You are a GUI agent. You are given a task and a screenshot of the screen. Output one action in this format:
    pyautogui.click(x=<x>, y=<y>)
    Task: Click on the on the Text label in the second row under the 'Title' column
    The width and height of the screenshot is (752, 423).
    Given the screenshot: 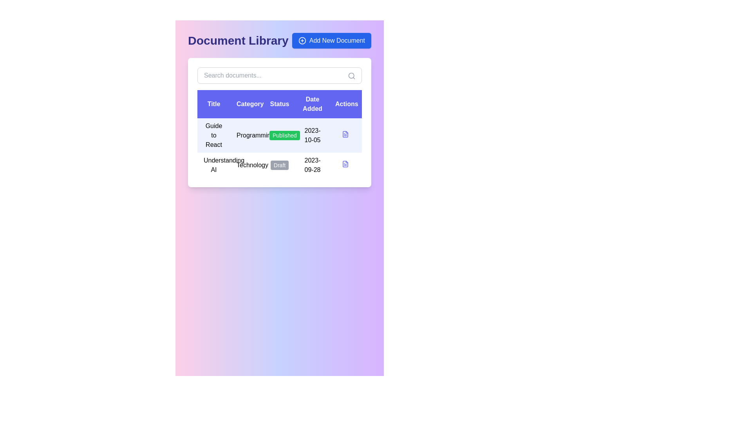 What is the action you would take?
    pyautogui.click(x=214, y=164)
    